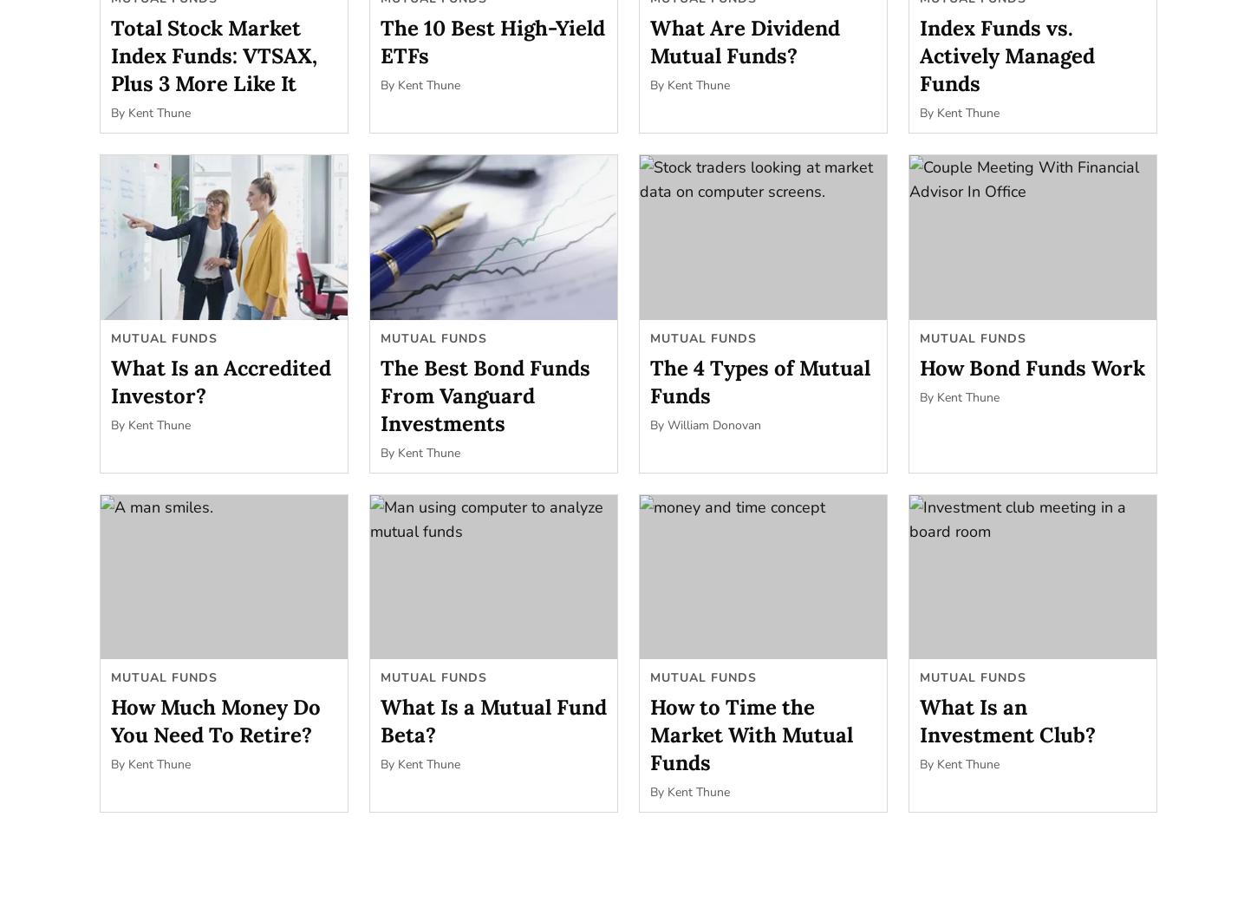  I want to click on 'The 10 Best High-Yield ETFs', so click(492, 41).